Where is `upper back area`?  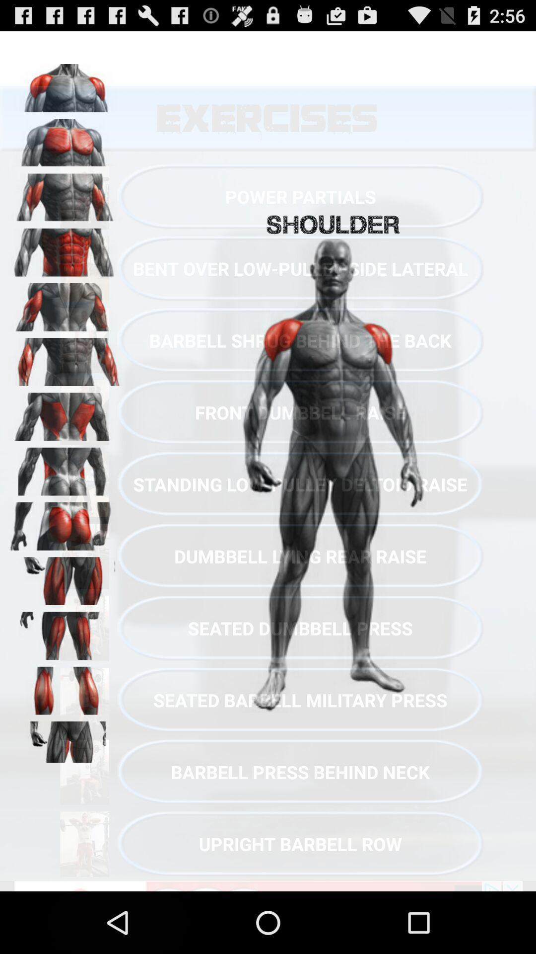 upper back area is located at coordinates (65, 413).